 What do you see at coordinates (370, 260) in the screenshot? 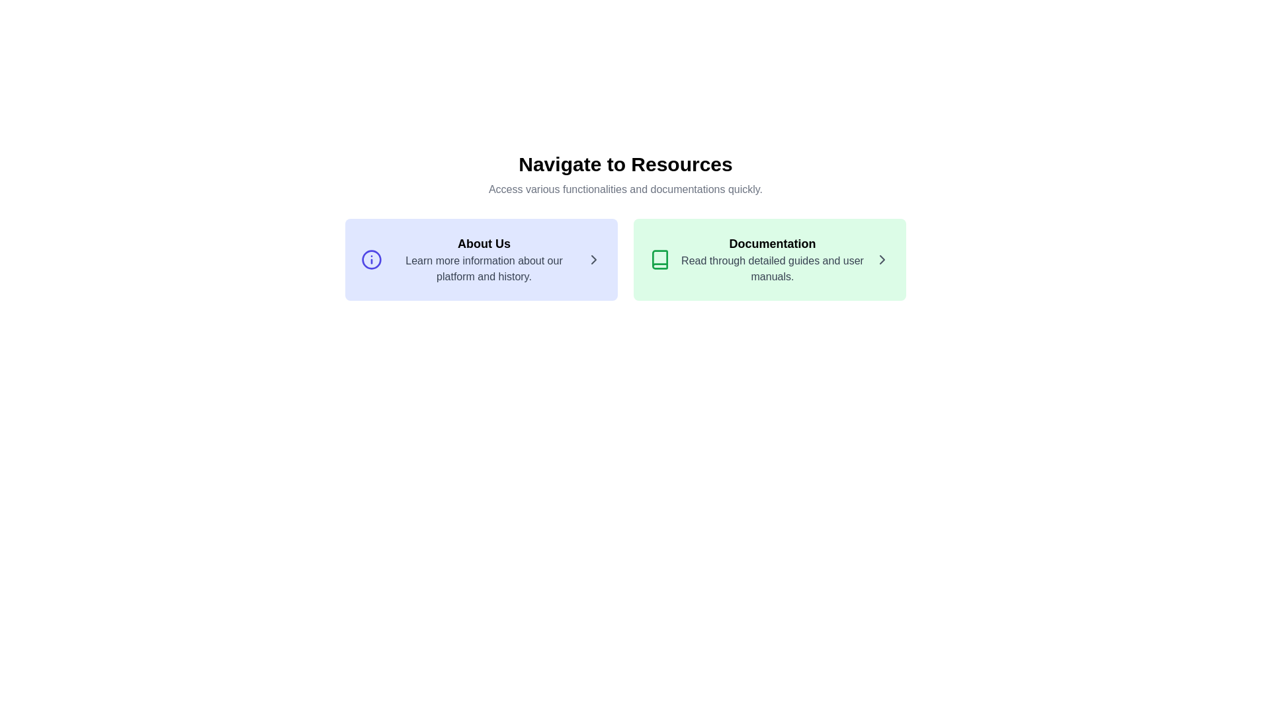
I see `the blue outlined circular graphic that is part of the information symbol icon in the 'About Us' section` at bounding box center [370, 260].